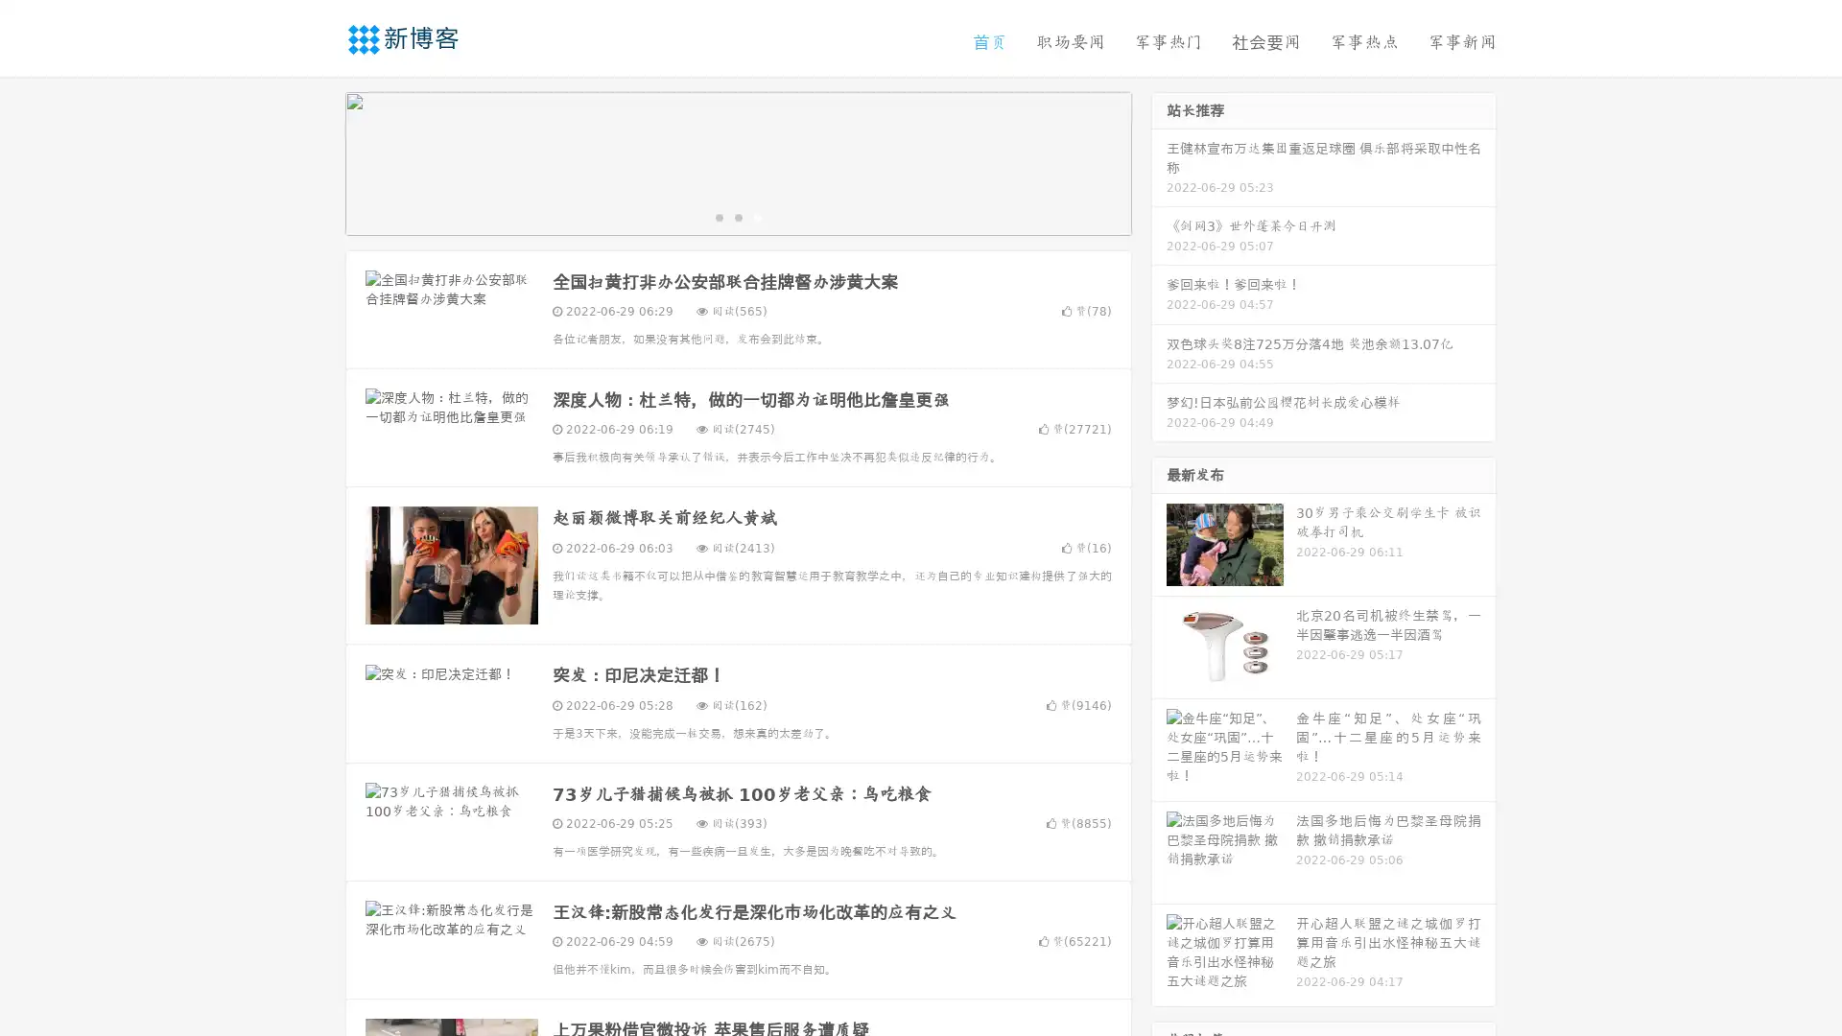 The width and height of the screenshot is (1842, 1036). Describe the element at coordinates (1159, 161) in the screenshot. I see `Next slide` at that location.